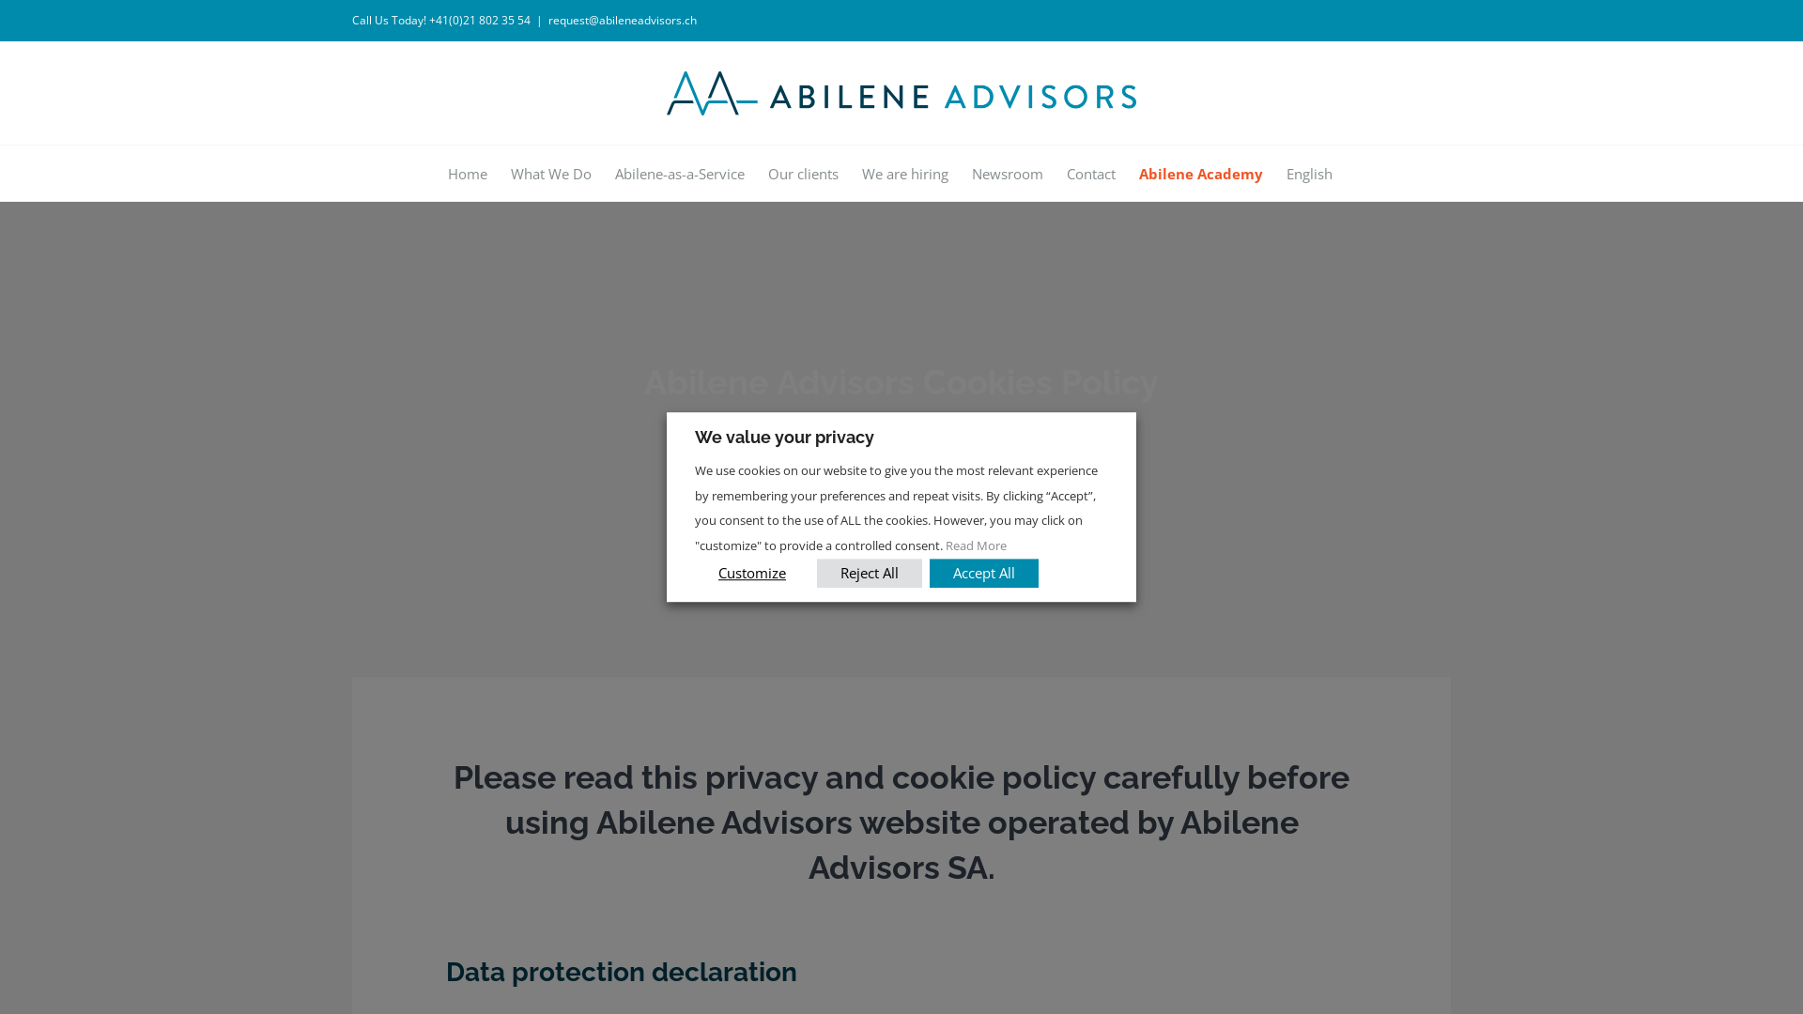 The height and width of the screenshot is (1014, 1803). Describe the element at coordinates (905, 172) in the screenshot. I see `'We are hiring'` at that location.